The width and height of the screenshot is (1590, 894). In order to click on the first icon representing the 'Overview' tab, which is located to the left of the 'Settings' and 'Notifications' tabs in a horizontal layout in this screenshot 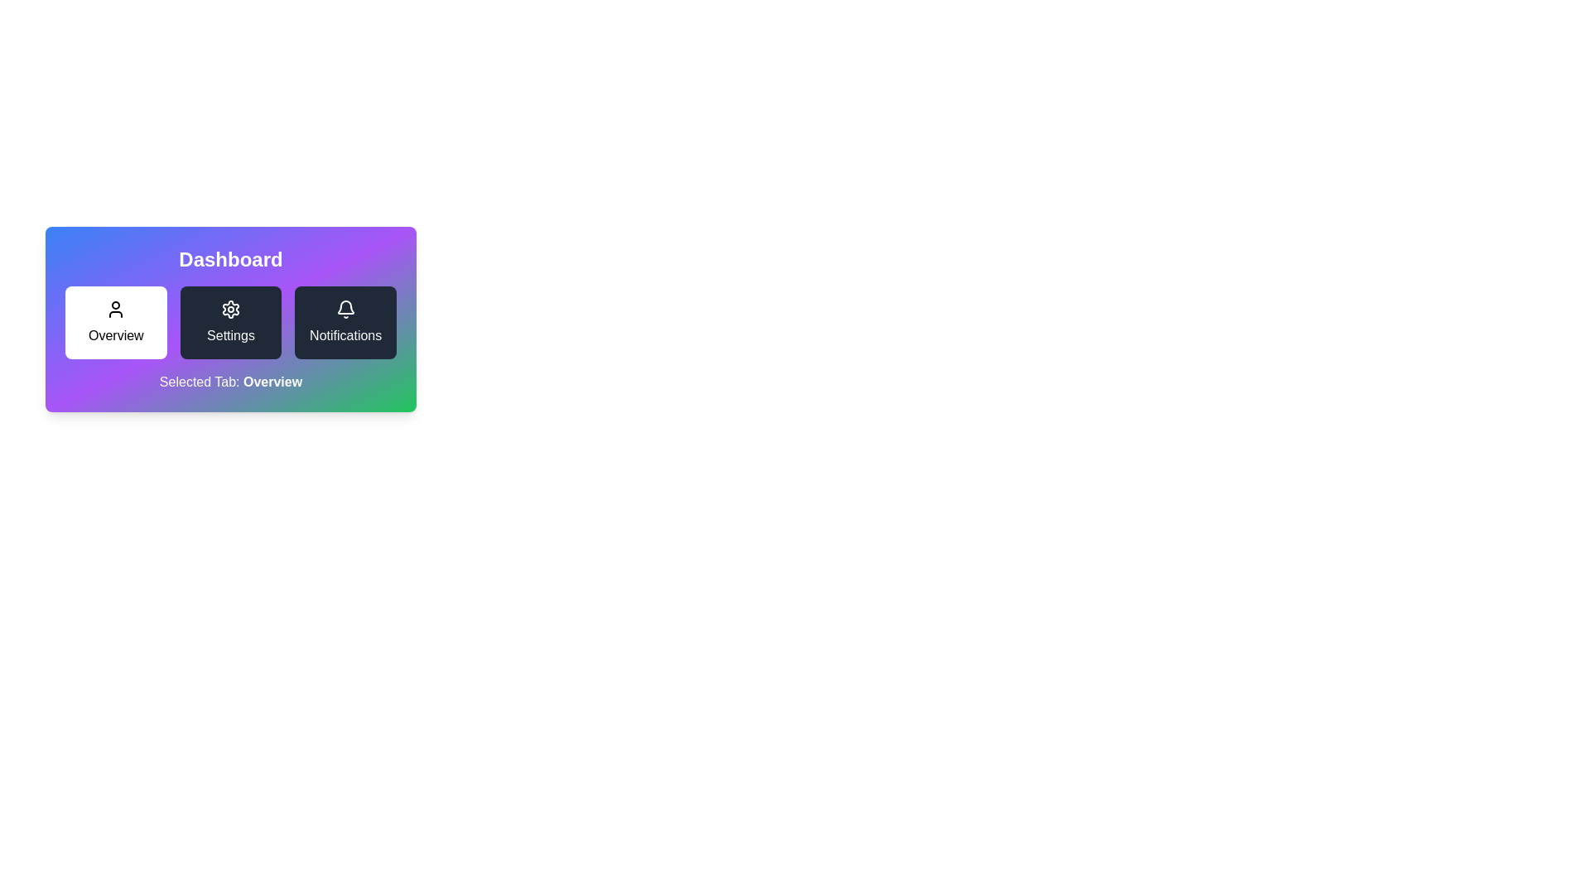, I will do `click(115, 310)`.